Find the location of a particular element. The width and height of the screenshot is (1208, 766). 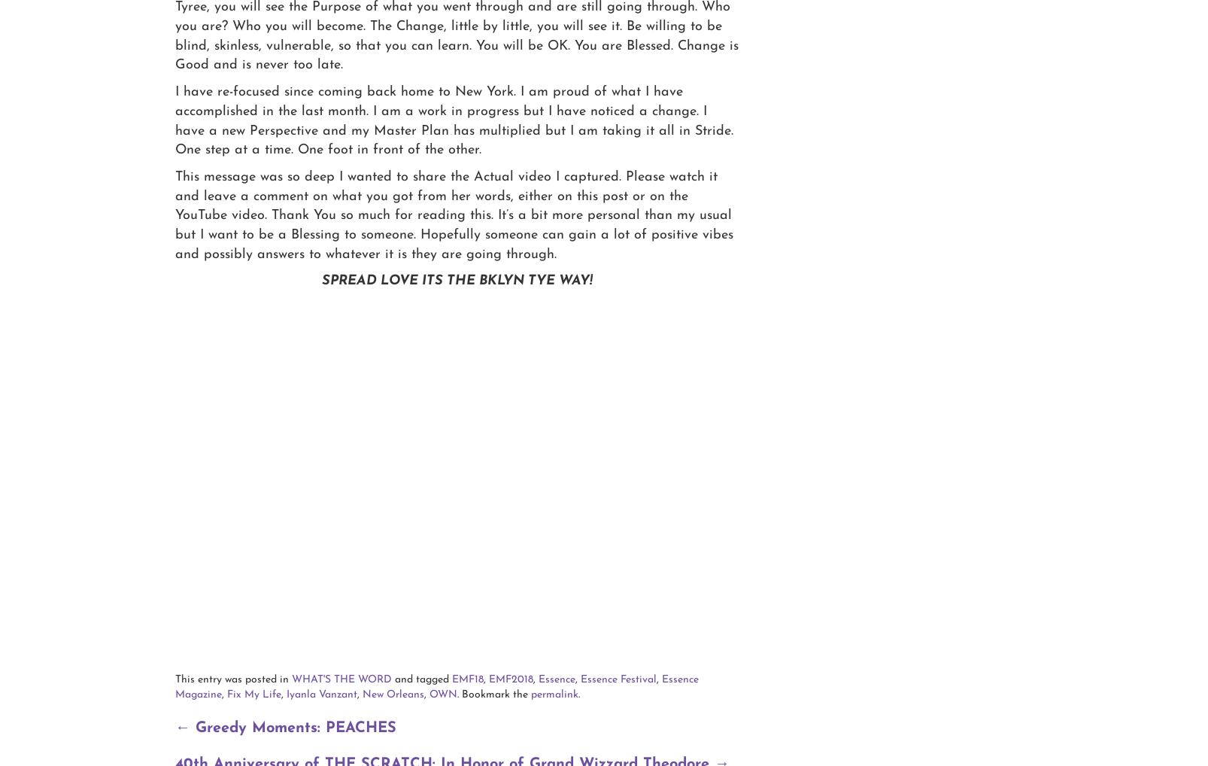

'This entry was posted in' is located at coordinates (233, 679).